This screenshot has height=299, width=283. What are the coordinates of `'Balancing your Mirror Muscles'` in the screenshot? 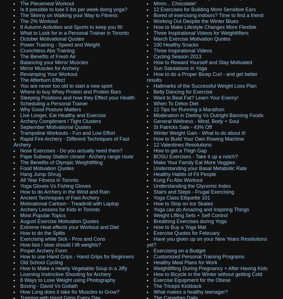 It's located at (54, 62).